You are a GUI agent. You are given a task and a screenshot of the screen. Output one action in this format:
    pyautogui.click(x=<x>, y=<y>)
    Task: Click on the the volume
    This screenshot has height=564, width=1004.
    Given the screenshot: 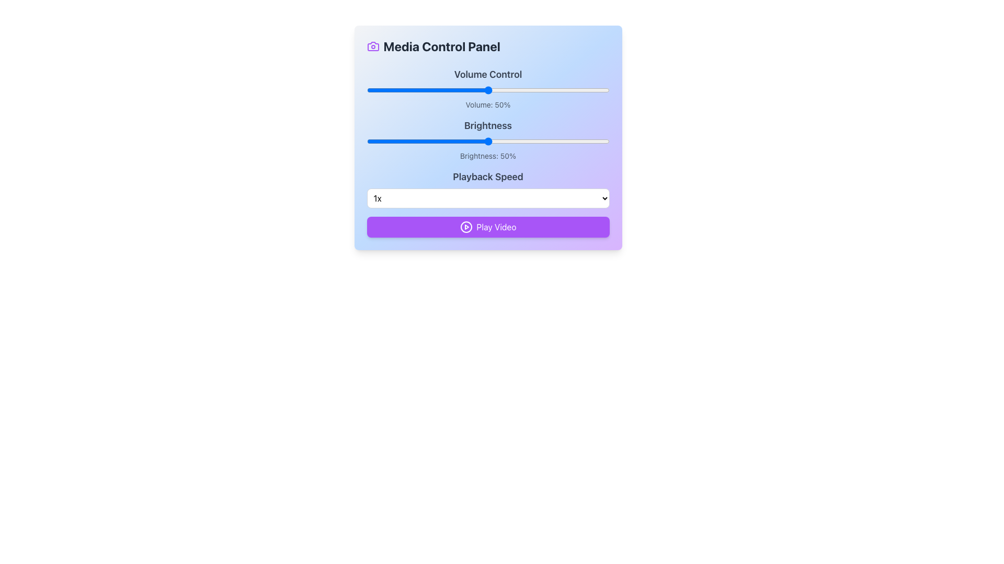 What is the action you would take?
    pyautogui.click(x=447, y=90)
    